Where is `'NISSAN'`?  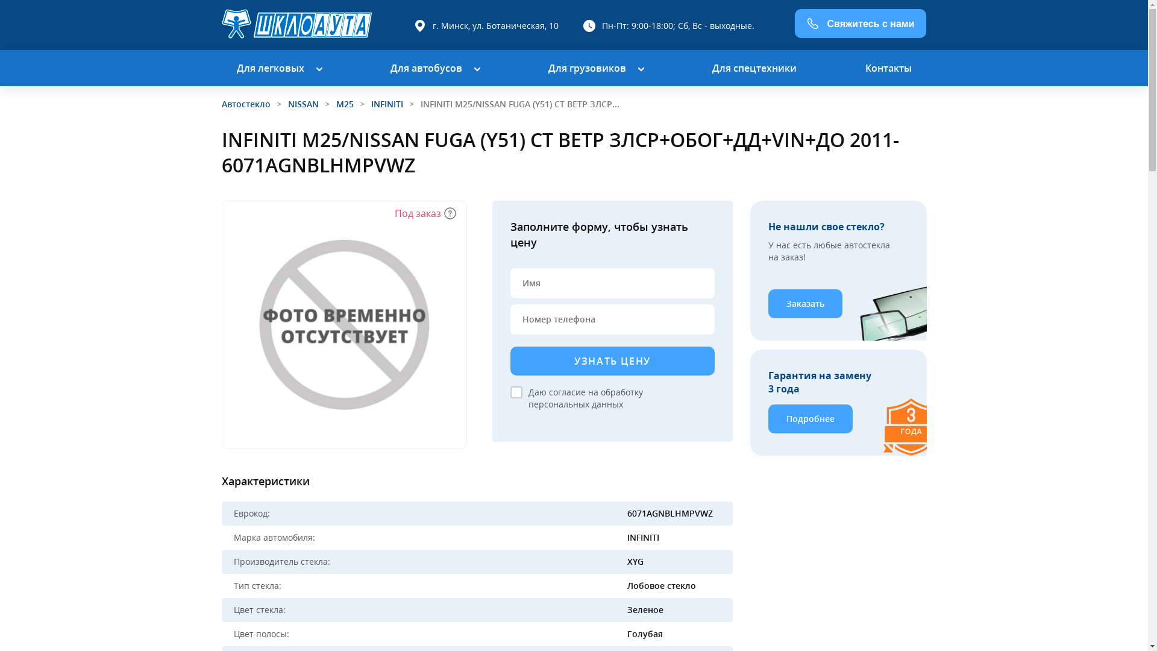 'NISSAN' is located at coordinates (303, 103).